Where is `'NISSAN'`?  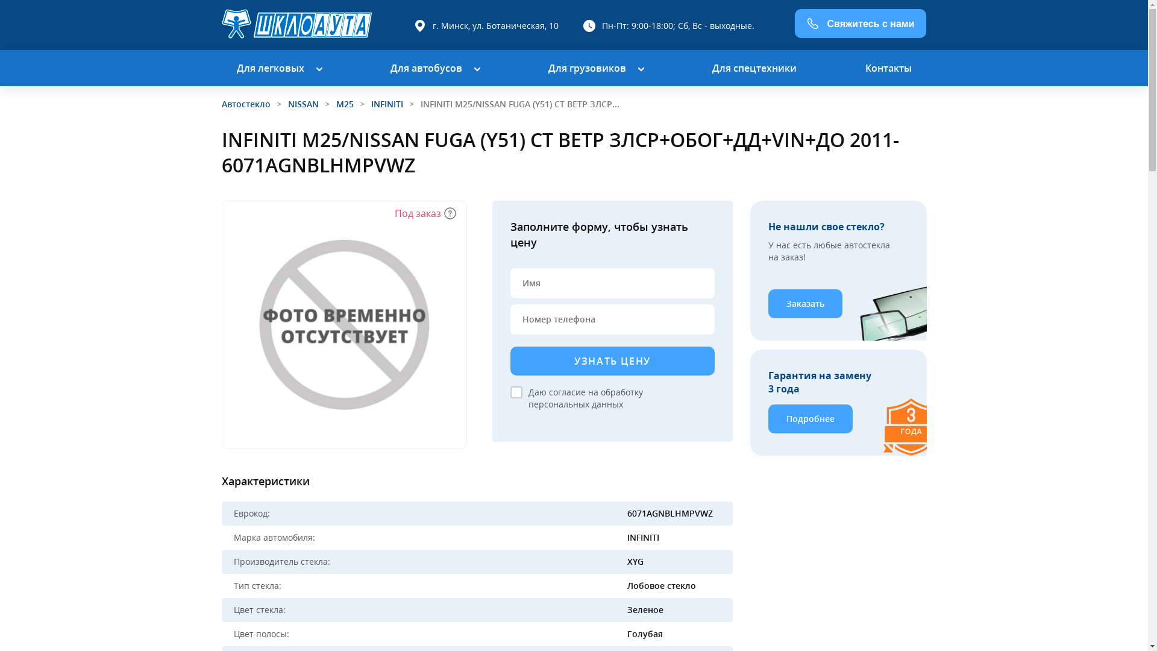 'NISSAN' is located at coordinates (303, 103).